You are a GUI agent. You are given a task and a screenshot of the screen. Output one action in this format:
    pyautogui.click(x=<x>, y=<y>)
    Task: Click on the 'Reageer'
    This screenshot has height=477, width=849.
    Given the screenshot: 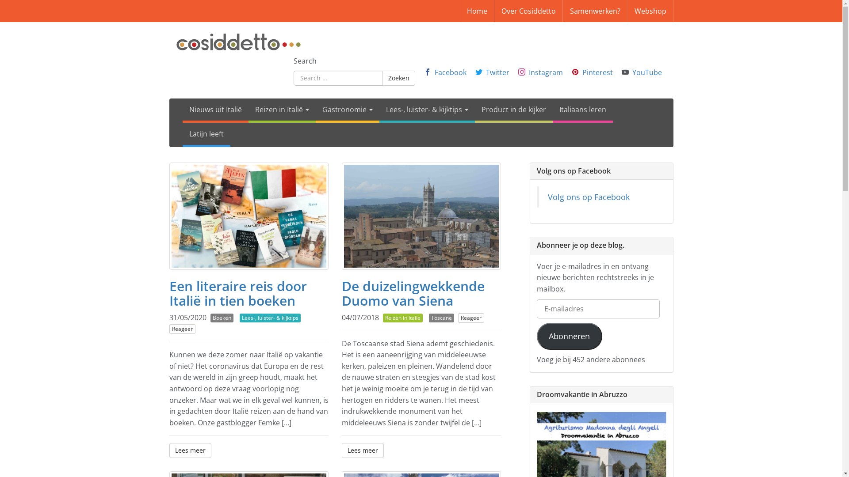 What is the action you would take?
    pyautogui.click(x=169, y=329)
    